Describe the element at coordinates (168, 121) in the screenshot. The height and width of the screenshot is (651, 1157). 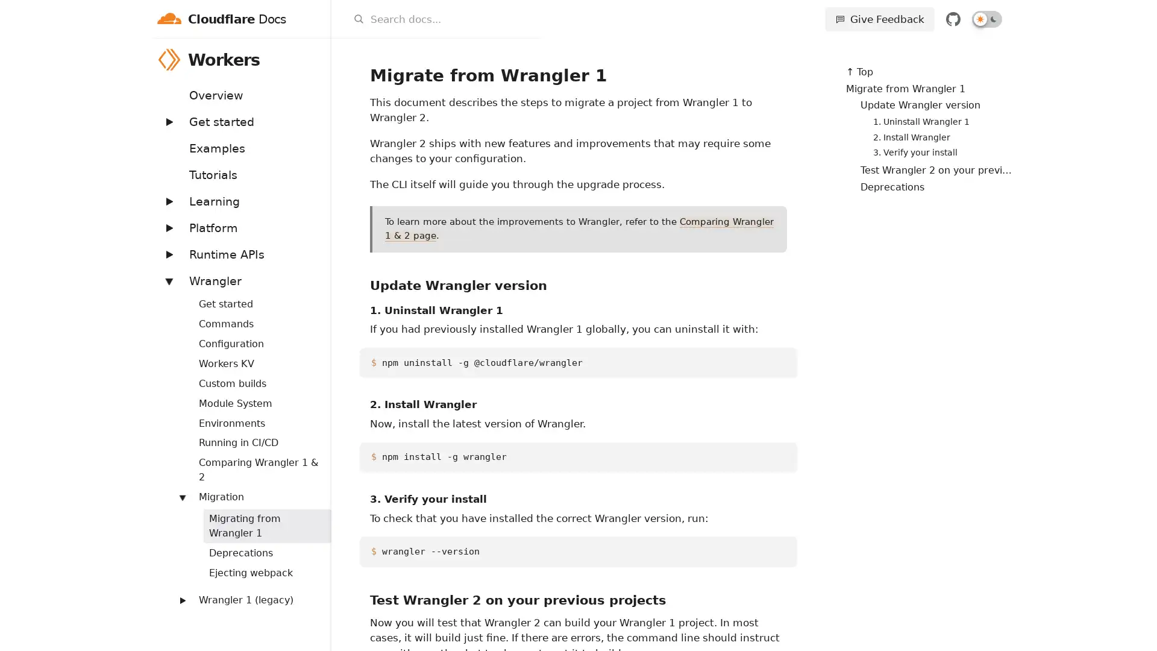
I see `Expand: Get started` at that location.